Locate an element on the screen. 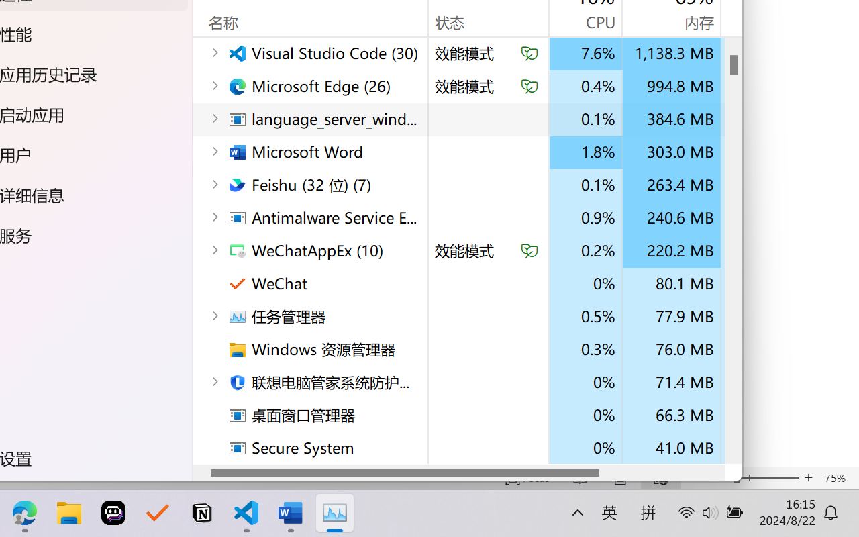  'Notion' is located at coordinates (201, 513).